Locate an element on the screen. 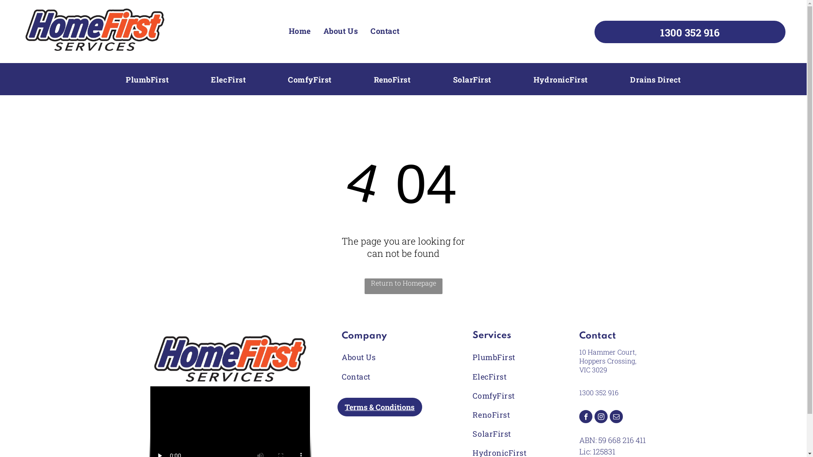 The height and width of the screenshot is (457, 813). 'Drains Direct' is located at coordinates (655, 79).